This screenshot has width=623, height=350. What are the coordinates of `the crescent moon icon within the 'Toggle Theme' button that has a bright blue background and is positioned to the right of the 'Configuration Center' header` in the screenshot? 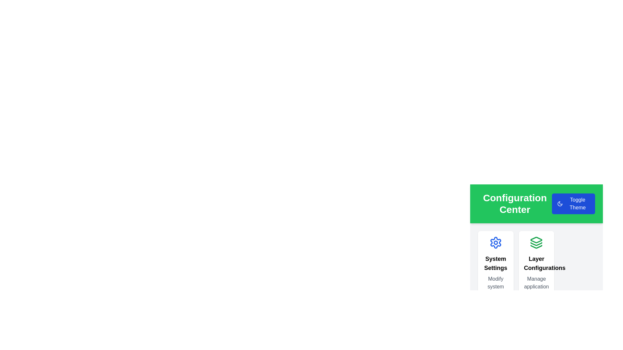 It's located at (559, 203).